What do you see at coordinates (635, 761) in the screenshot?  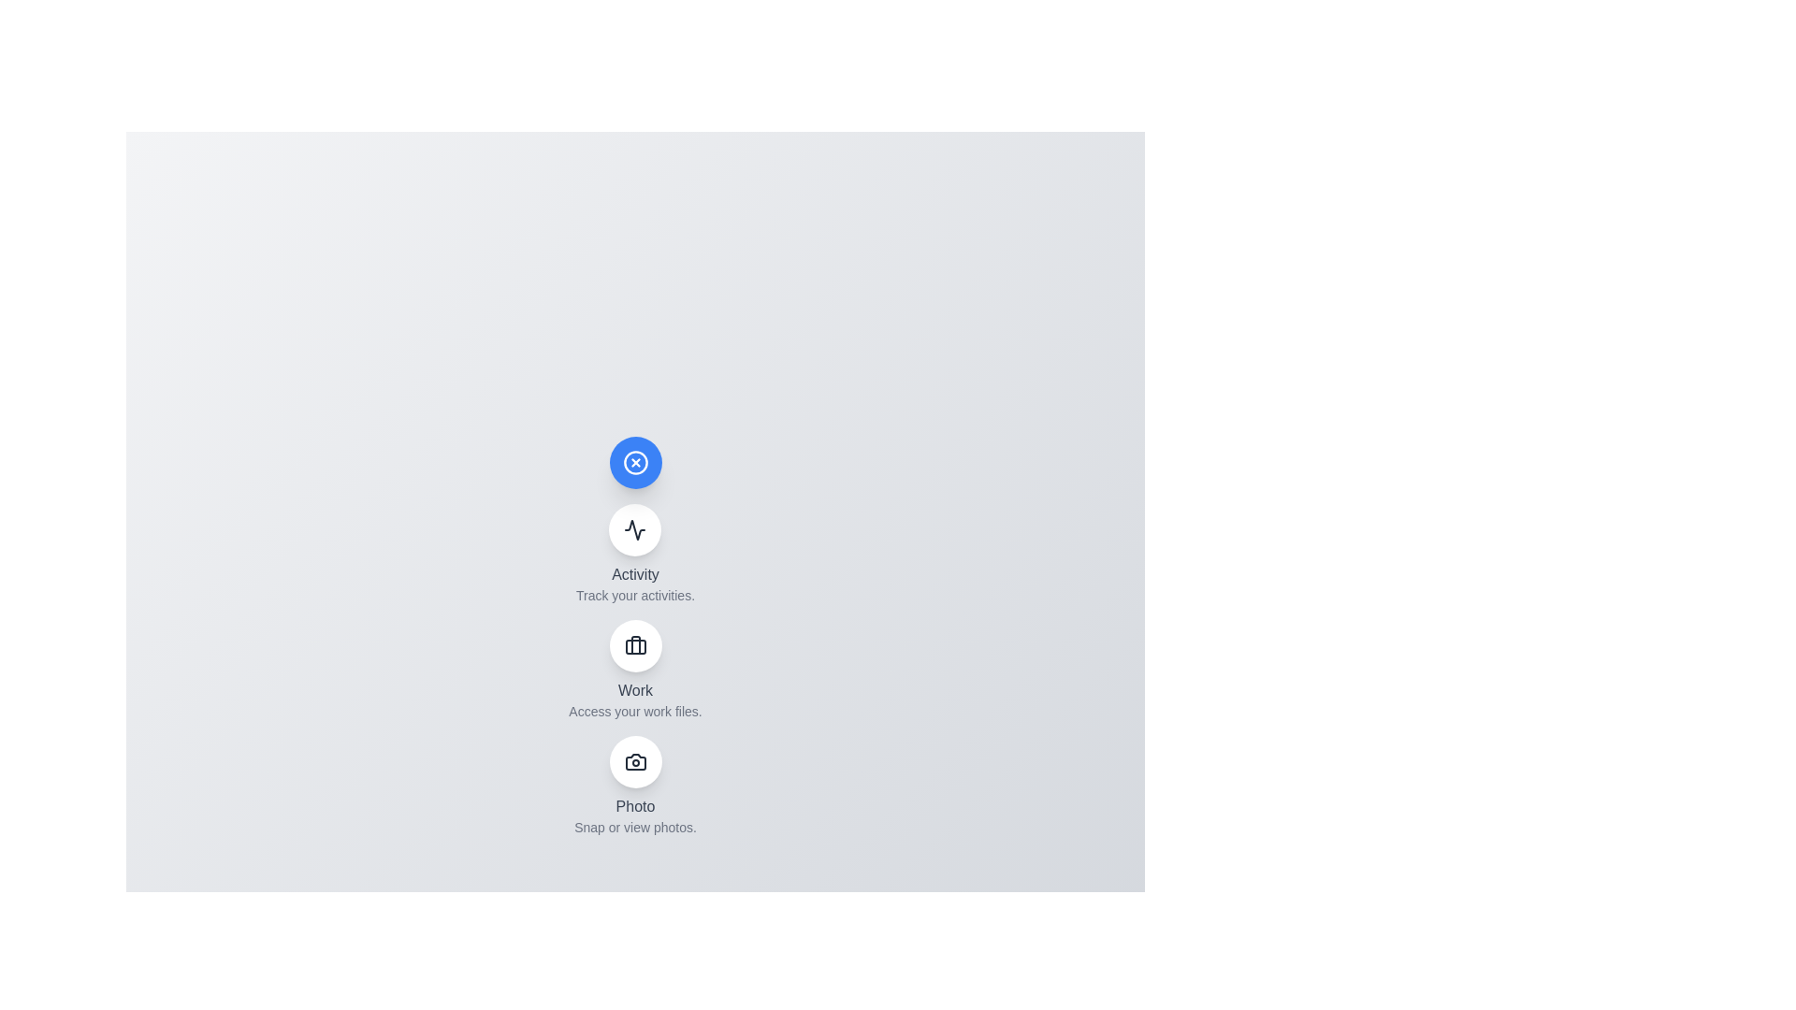 I see `the 'Photo' button in the speed dial menu` at bounding box center [635, 761].